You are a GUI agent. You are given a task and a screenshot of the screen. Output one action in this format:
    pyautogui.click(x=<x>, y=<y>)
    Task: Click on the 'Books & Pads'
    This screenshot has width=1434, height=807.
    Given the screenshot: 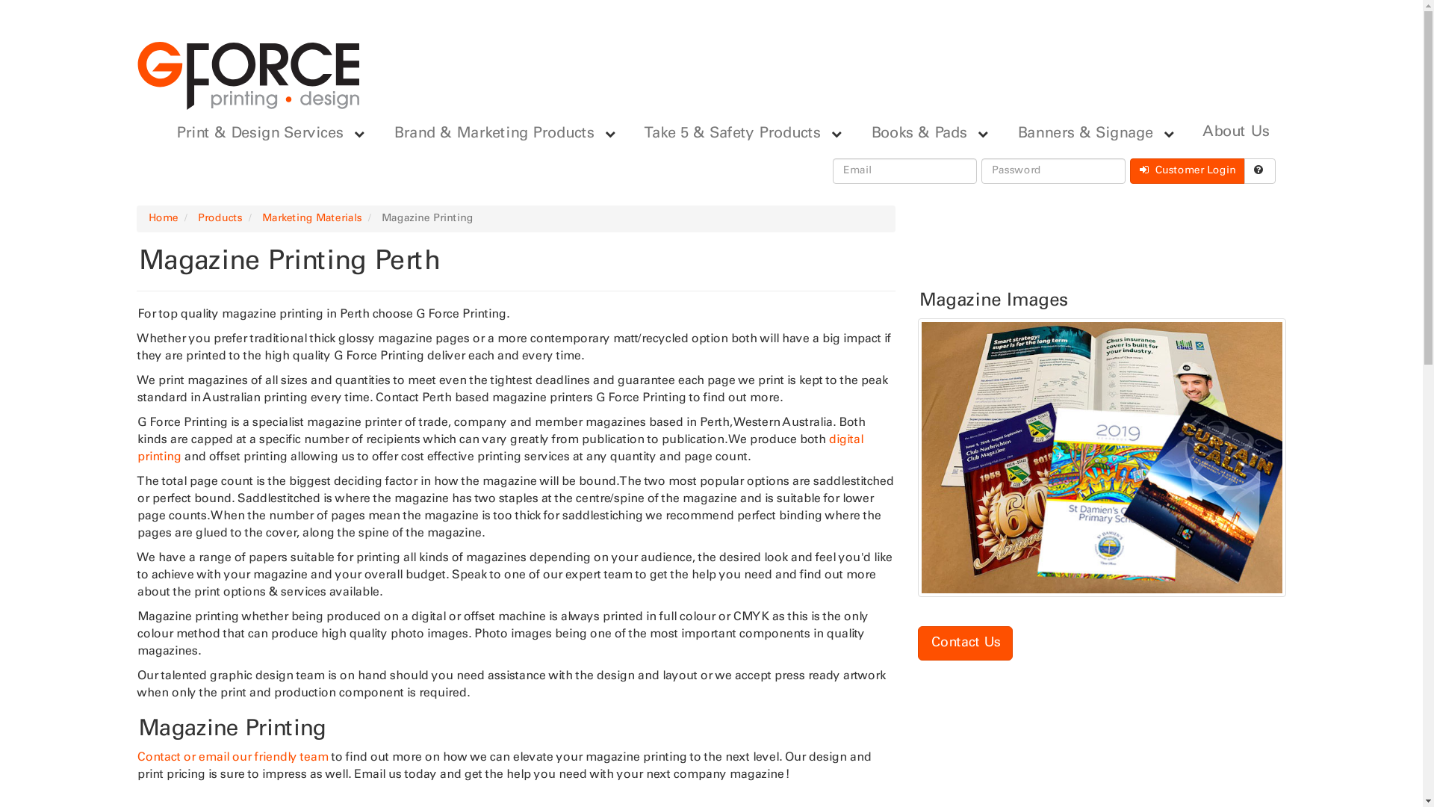 What is the action you would take?
    pyautogui.click(x=863, y=132)
    